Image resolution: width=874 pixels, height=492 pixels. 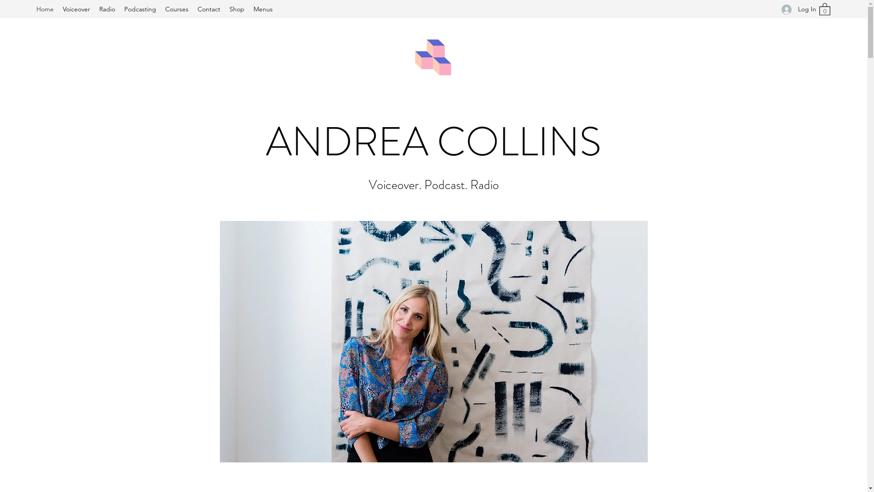 What do you see at coordinates (208, 9) in the screenshot?
I see `'Contact'` at bounding box center [208, 9].